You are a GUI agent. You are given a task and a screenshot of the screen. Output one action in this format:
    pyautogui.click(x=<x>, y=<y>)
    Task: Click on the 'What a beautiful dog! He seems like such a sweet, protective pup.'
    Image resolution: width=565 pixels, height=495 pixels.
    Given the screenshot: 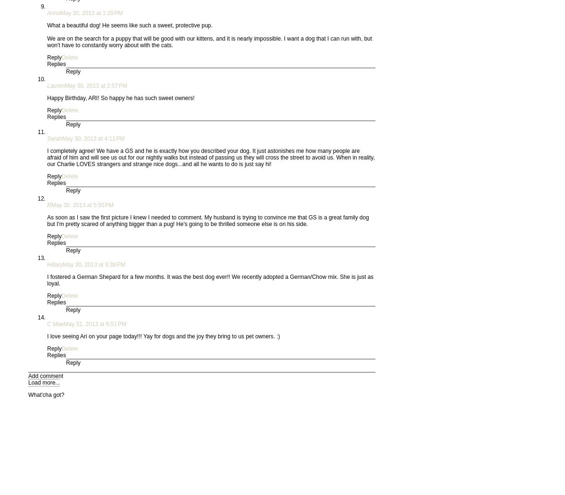 What is the action you would take?
    pyautogui.click(x=129, y=25)
    